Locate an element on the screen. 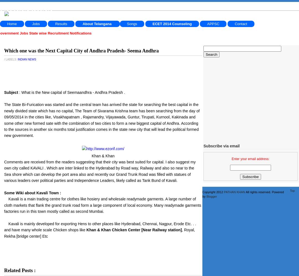 The image size is (299, 276). 'The State Bi-Furication was started and the central team has arrived the state for searching the best capital in the newly divided state which has no capital, The Team of Sivarama Krishna team has been searching from the day of 09/05/2014 in the cities like, Visakhapatnam , Rajamandry, Vijayawada, Guntur, Tirupati, Kurnool, Kakinada and some other new formed sate with the combination of two cities to form a new biggest capital of Andhra. According to the sources in another six months total justification comes in the state new city that will lead the political formed new government.' is located at coordinates (102, 120).